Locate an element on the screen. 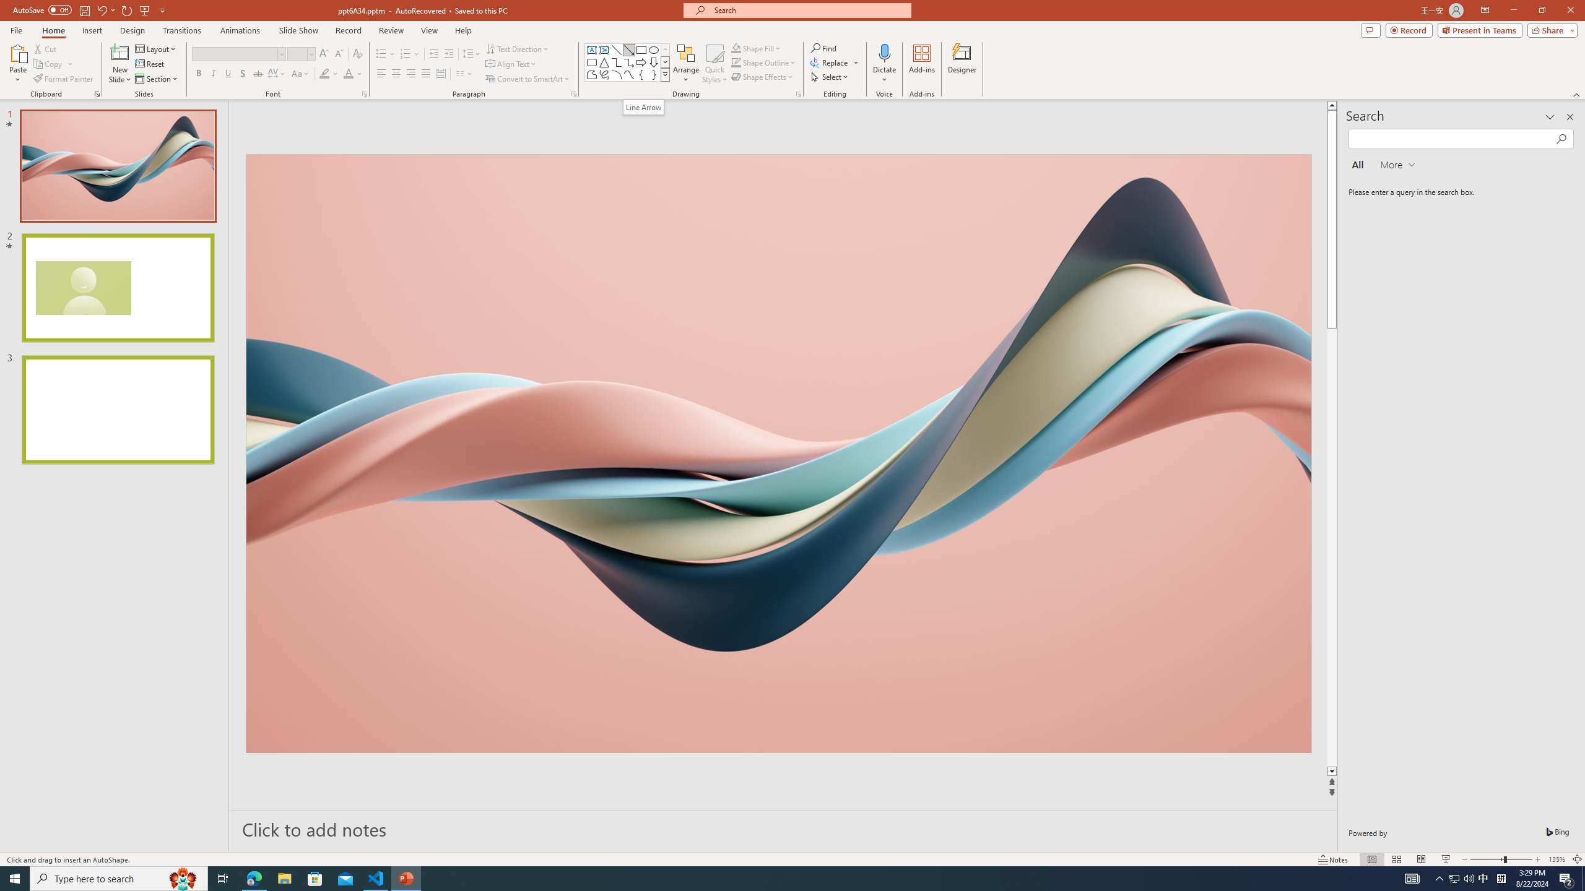  'Cut' is located at coordinates (45, 48).